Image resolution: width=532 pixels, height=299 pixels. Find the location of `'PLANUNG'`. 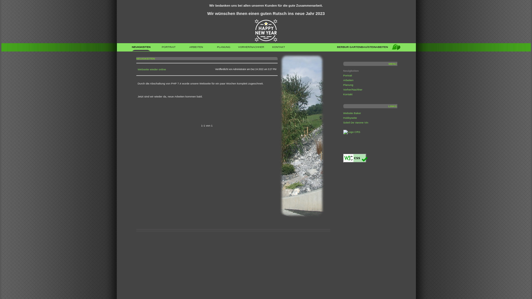

'PLANUNG' is located at coordinates (224, 48).